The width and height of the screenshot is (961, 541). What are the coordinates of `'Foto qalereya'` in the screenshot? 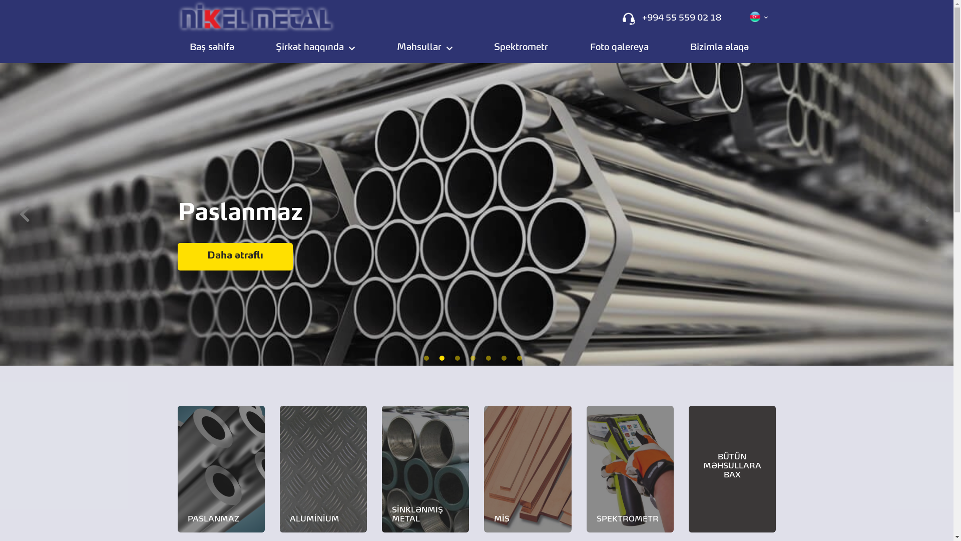 It's located at (619, 48).